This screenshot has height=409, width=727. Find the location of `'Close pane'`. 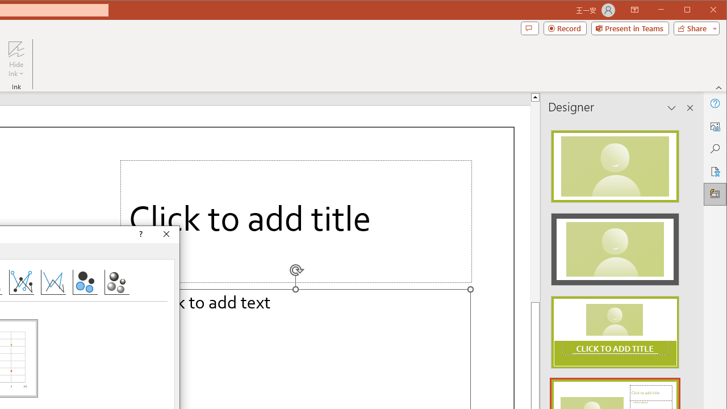

'Close pane' is located at coordinates (690, 108).